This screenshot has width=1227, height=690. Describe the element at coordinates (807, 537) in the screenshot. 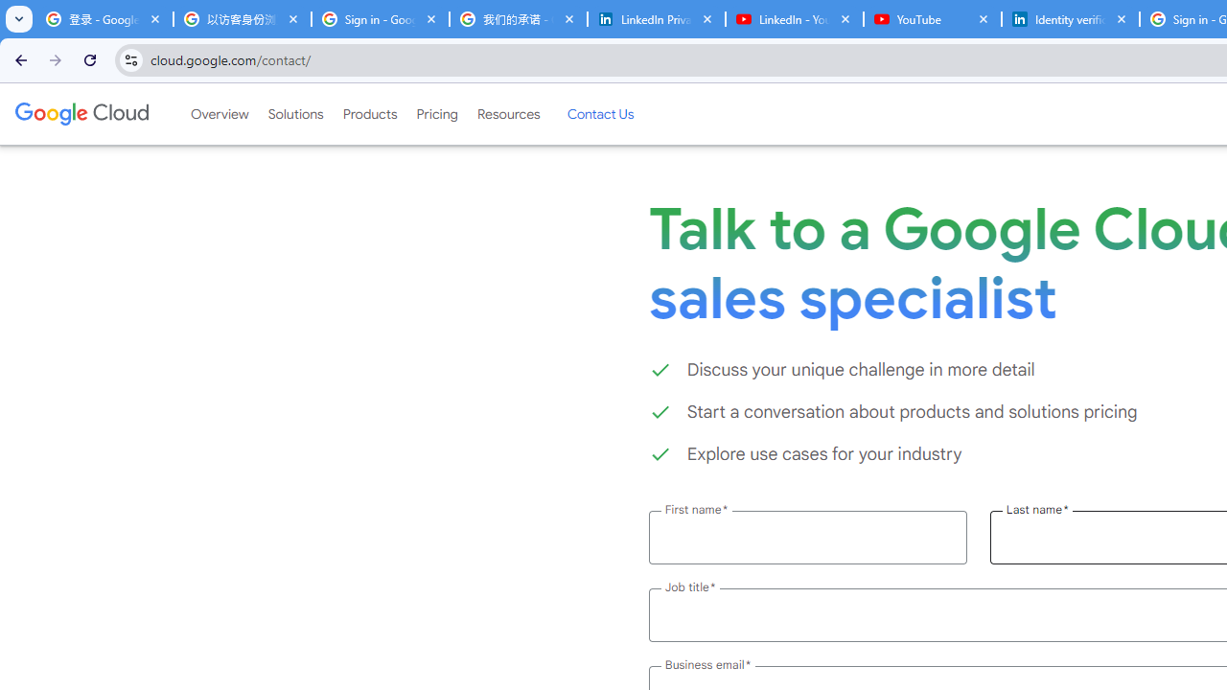

I see `'First name *'` at that location.